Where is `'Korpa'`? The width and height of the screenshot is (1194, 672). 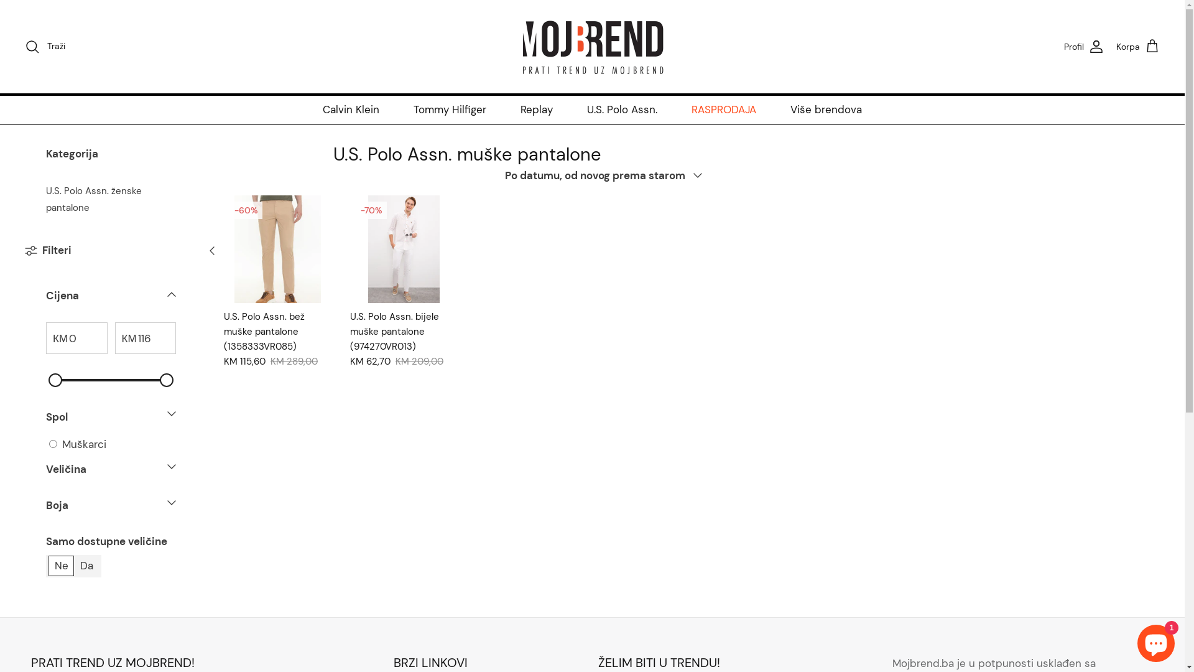
'Korpa' is located at coordinates (1137, 46).